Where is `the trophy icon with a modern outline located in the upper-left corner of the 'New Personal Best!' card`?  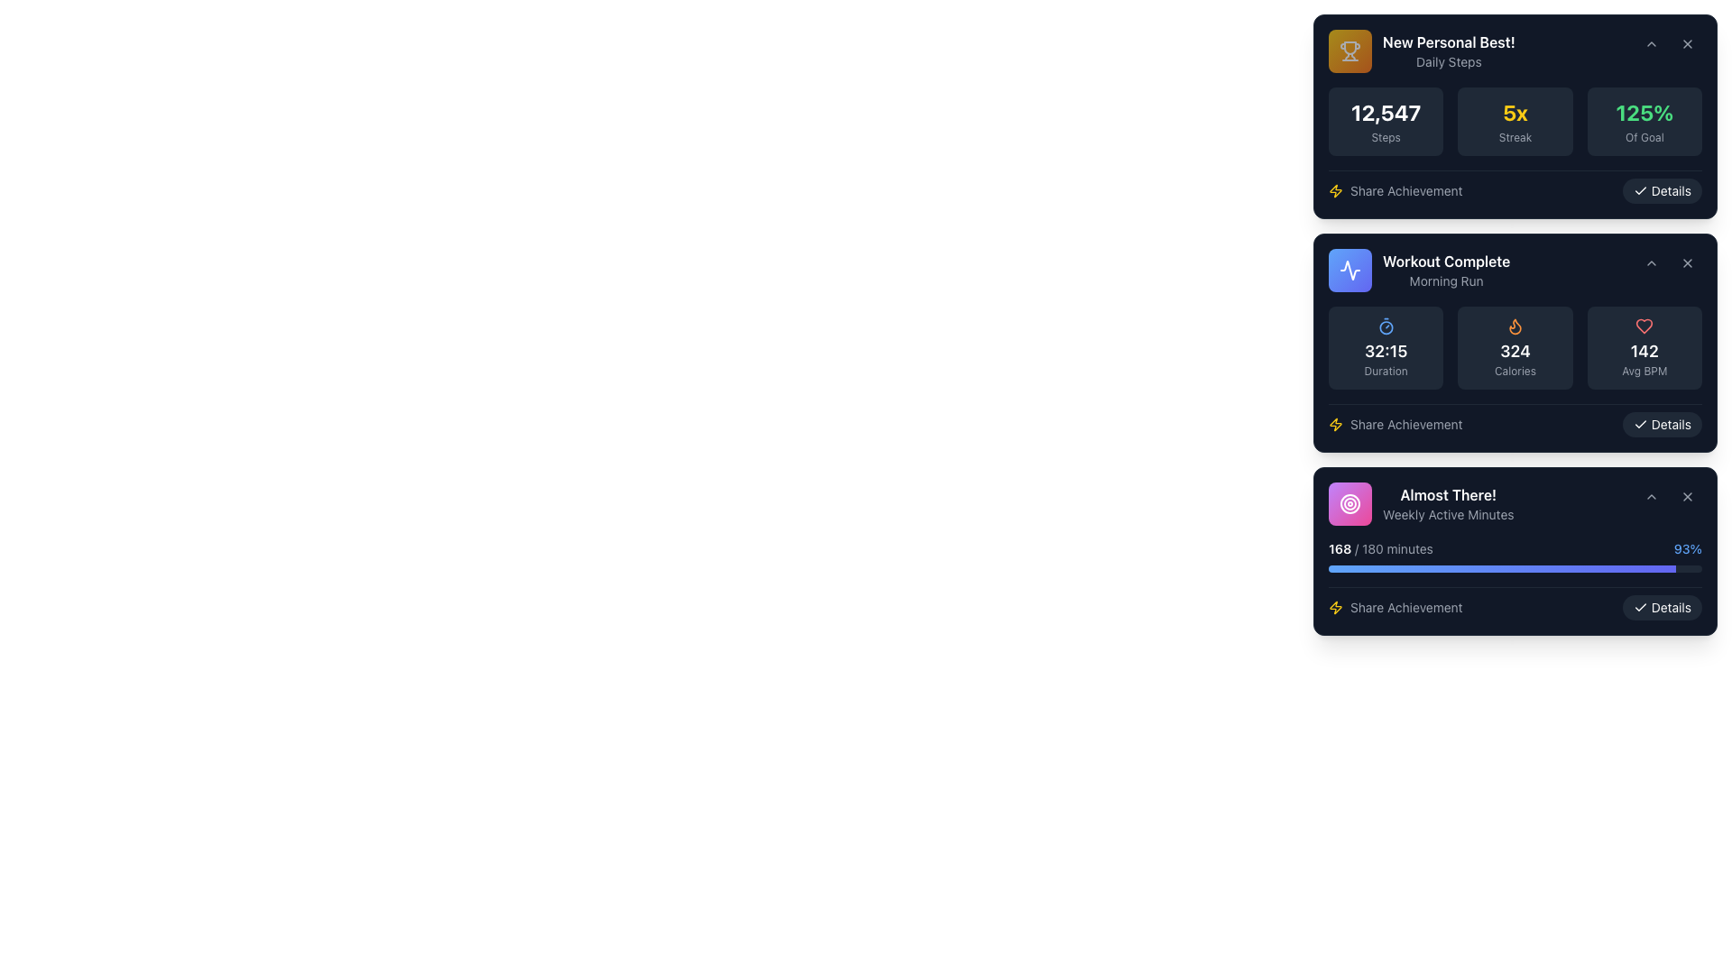 the trophy icon with a modern outline located in the upper-left corner of the 'New Personal Best!' card is located at coordinates (1350, 47).